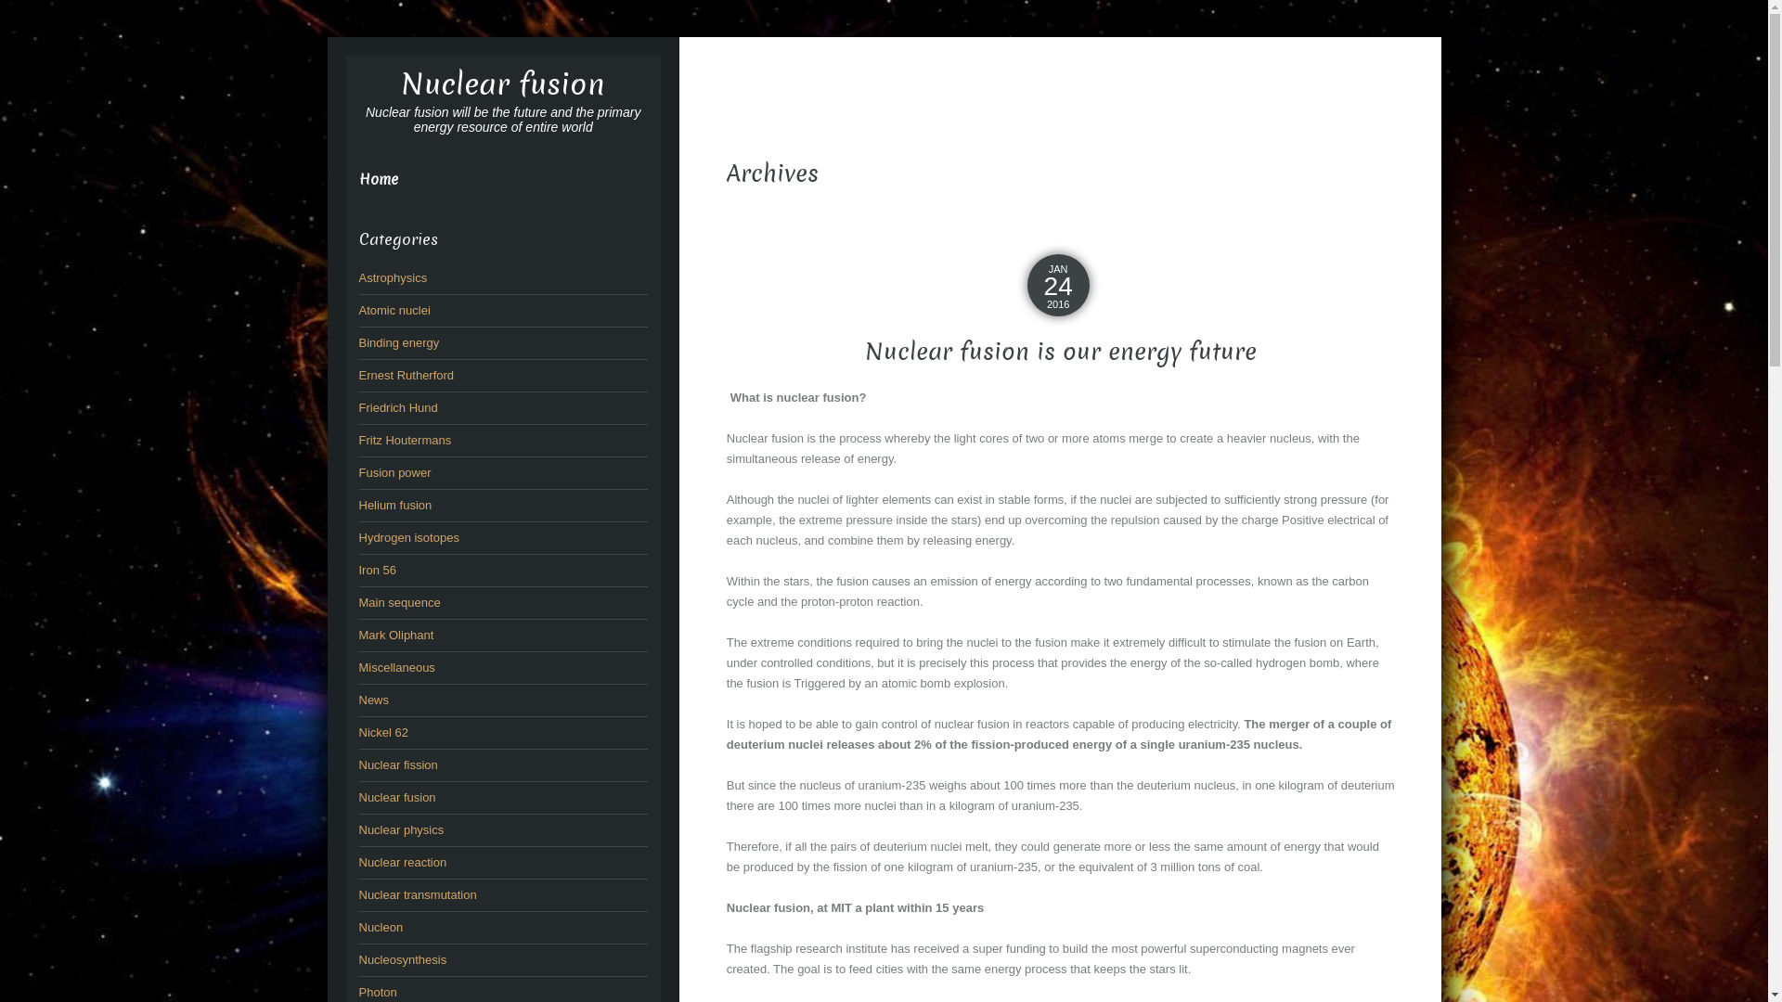 The width and height of the screenshot is (1782, 1002). Describe the element at coordinates (416, 893) in the screenshot. I see `'Nuclear transmutation'` at that location.